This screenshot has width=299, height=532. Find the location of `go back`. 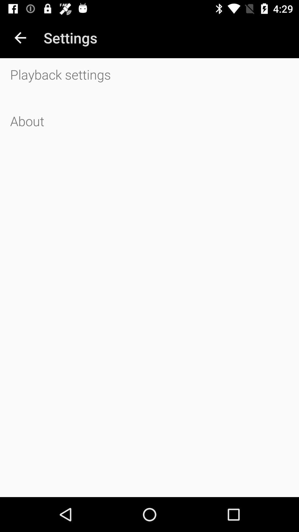

go back is located at coordinates (20, 37).